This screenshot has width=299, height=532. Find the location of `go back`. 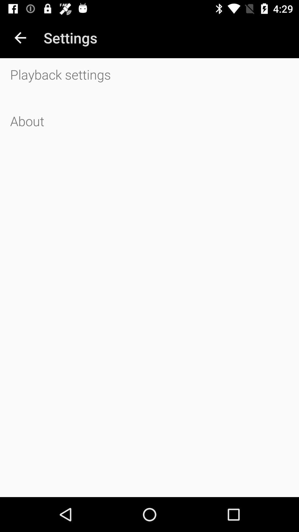

go back is located at coordinates (20, 37).